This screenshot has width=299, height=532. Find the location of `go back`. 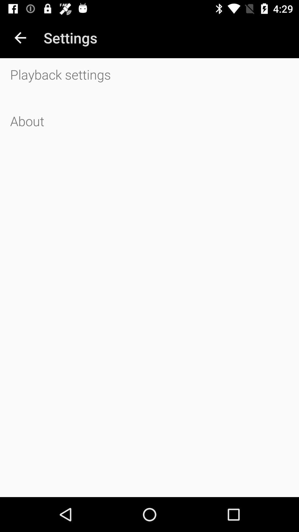

go back is located at coordinates (20, 37).